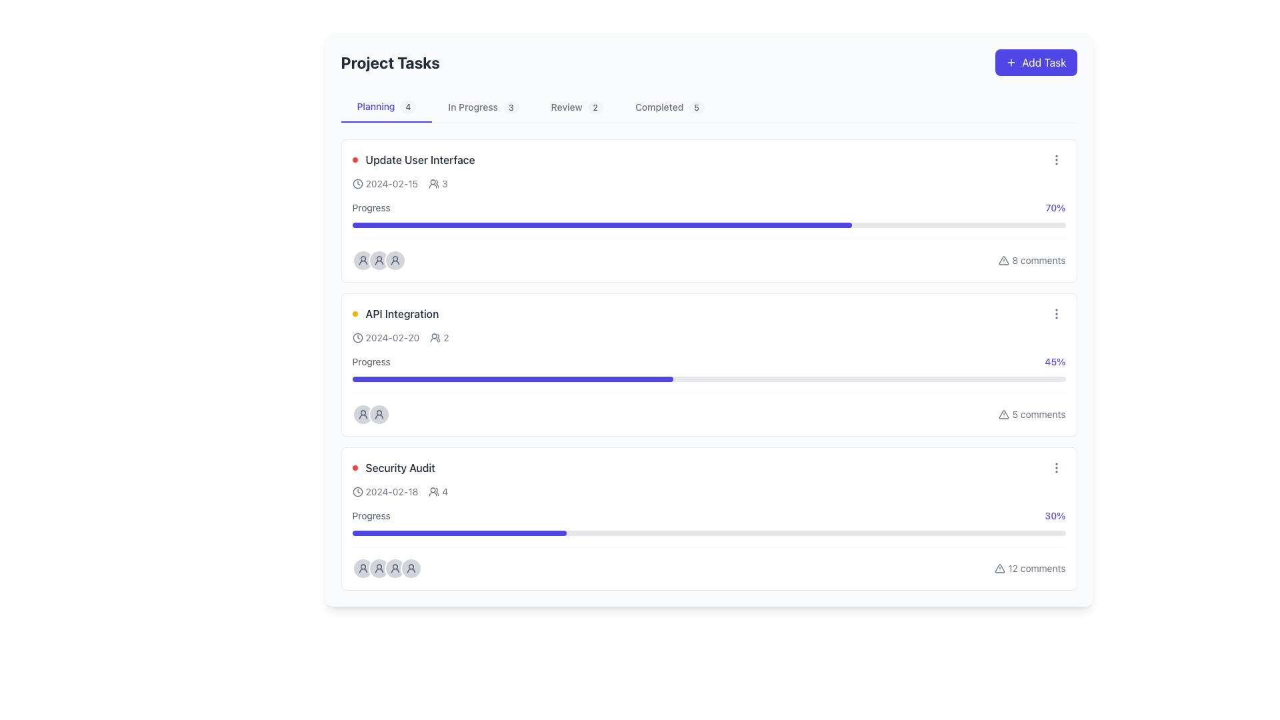  Describe the element at coordinates (1031, 413) in the screenshot. I see `the comments indicator text located in the lower-right corner of the 'API Integration' task card` at that location.